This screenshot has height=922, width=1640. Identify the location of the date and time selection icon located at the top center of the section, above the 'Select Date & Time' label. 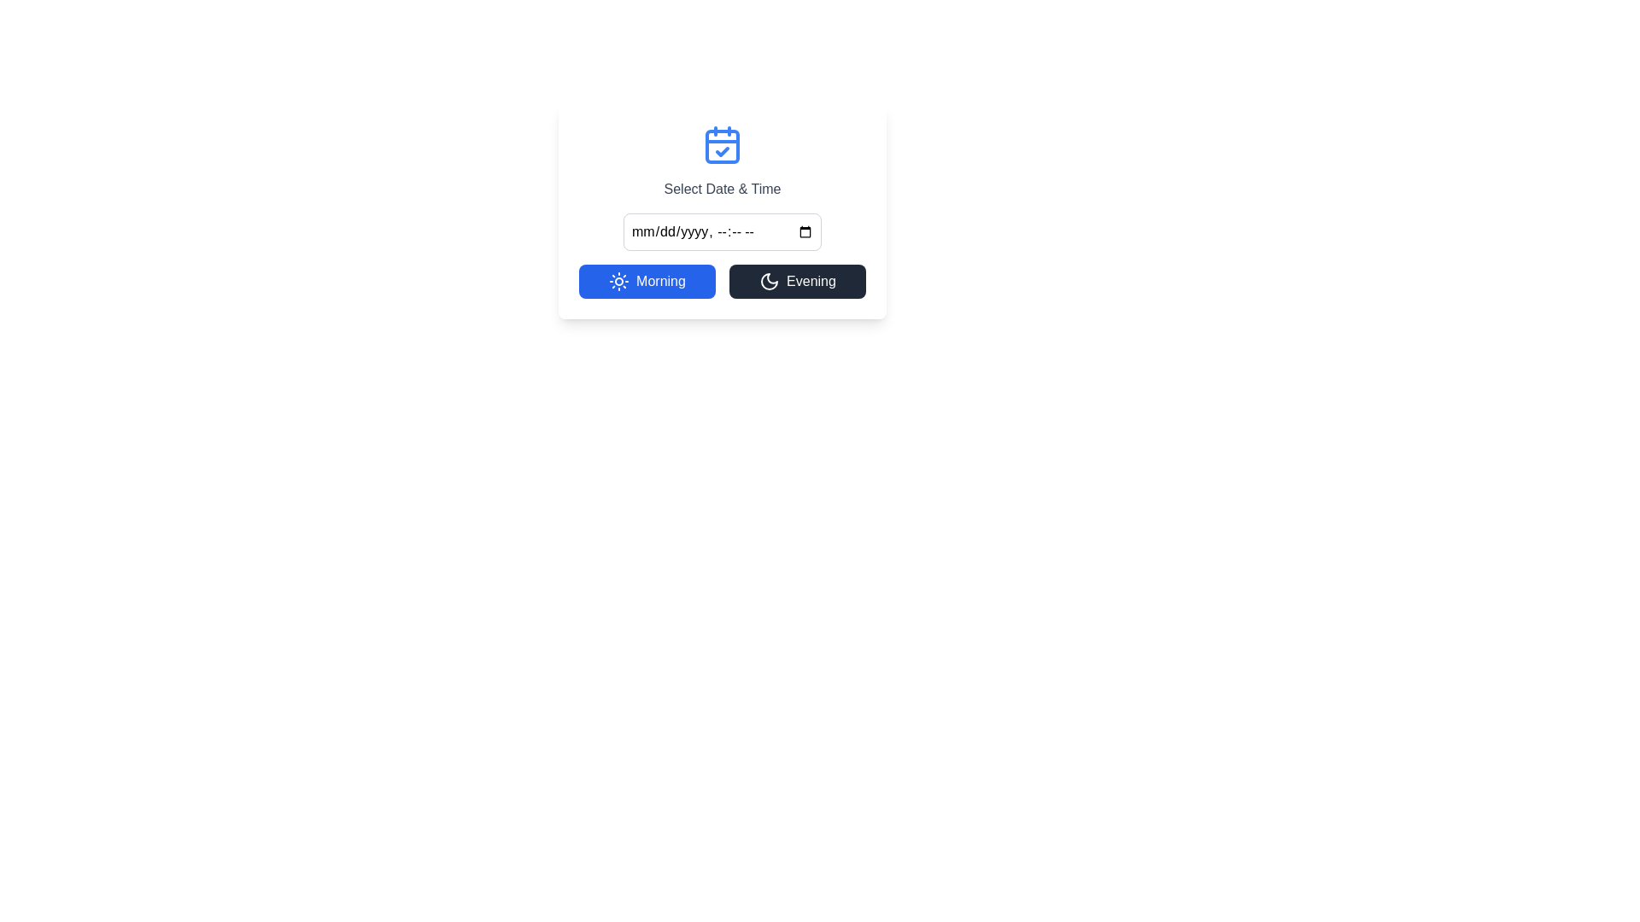
(722, 143).